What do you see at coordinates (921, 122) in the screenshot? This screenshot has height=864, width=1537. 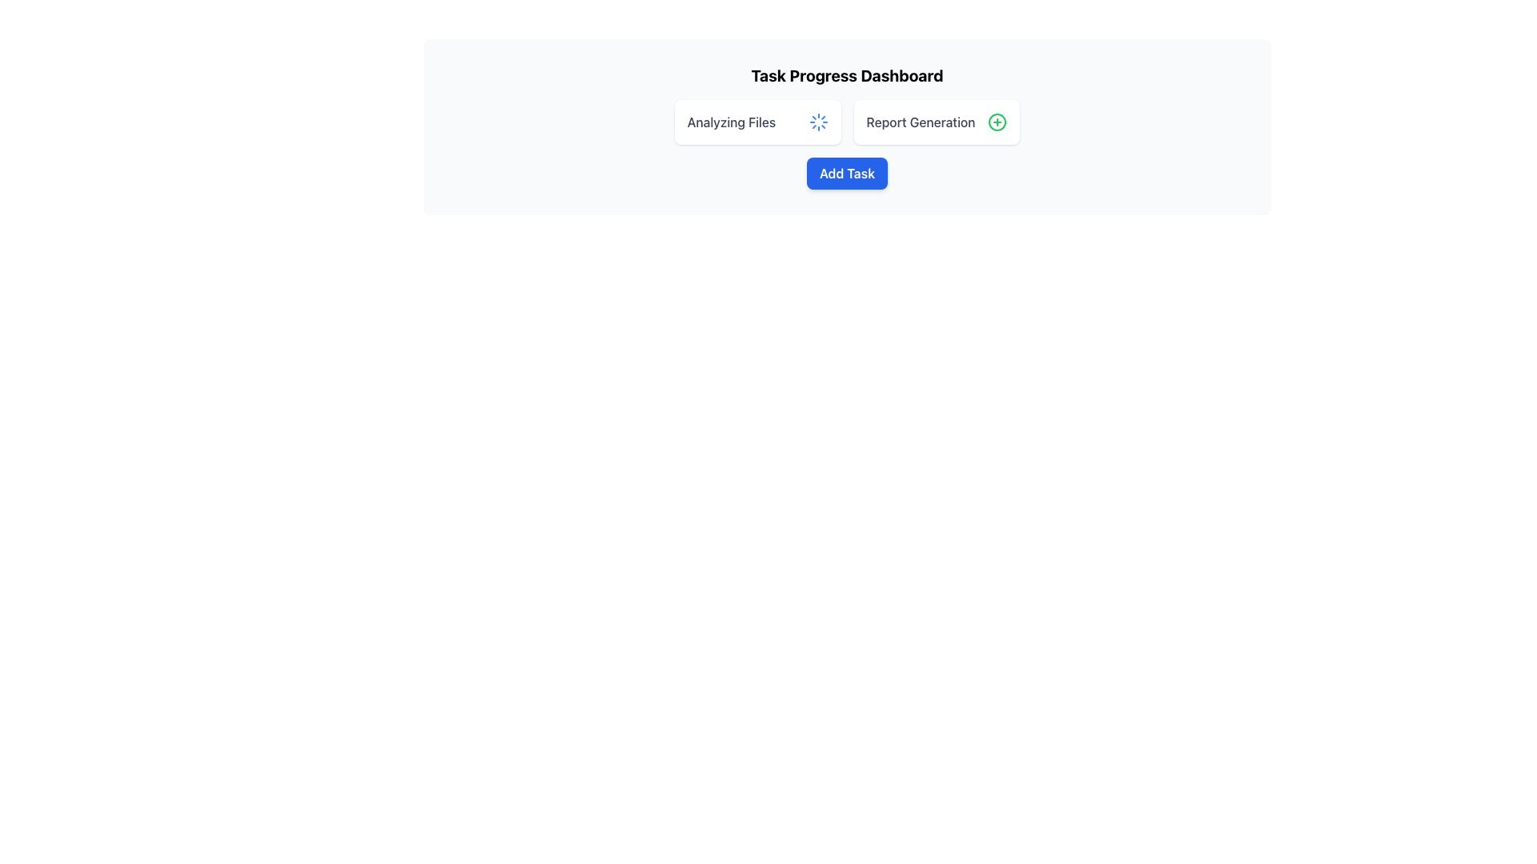 I see `the 'Report Generation' text label` at bounding box center [921, 122].